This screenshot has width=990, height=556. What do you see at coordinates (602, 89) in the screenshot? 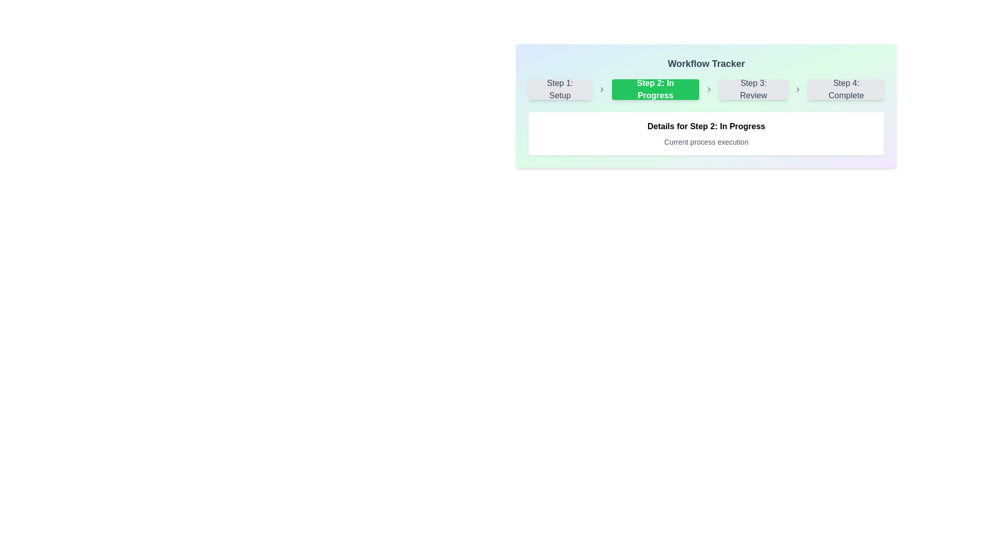
I see `the first rightward-pointing arrow in the navigation sequence, which indicates progression from 'Step 1: Setup' to 'Step 2: In Progress'` at bounding box center [602, 89].